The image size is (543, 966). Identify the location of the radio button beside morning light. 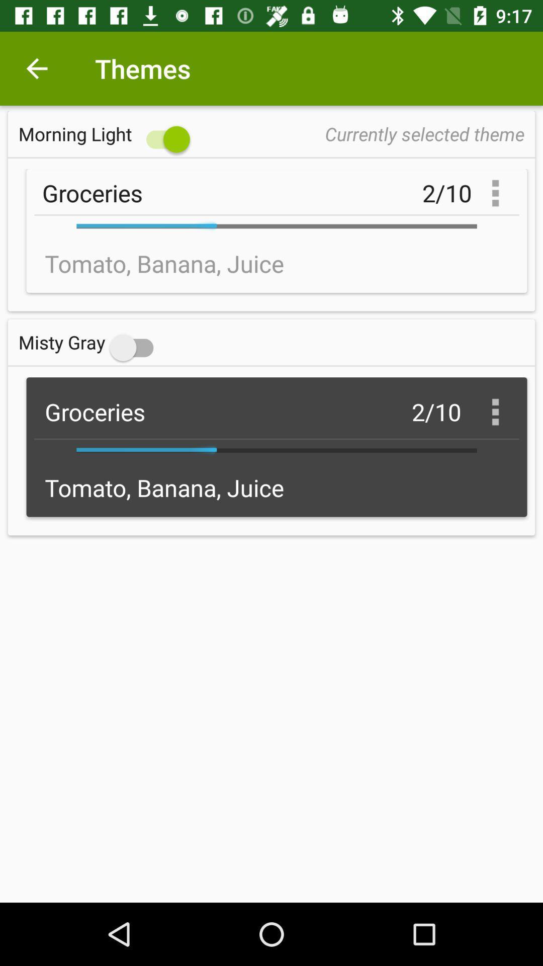
(107, 133).